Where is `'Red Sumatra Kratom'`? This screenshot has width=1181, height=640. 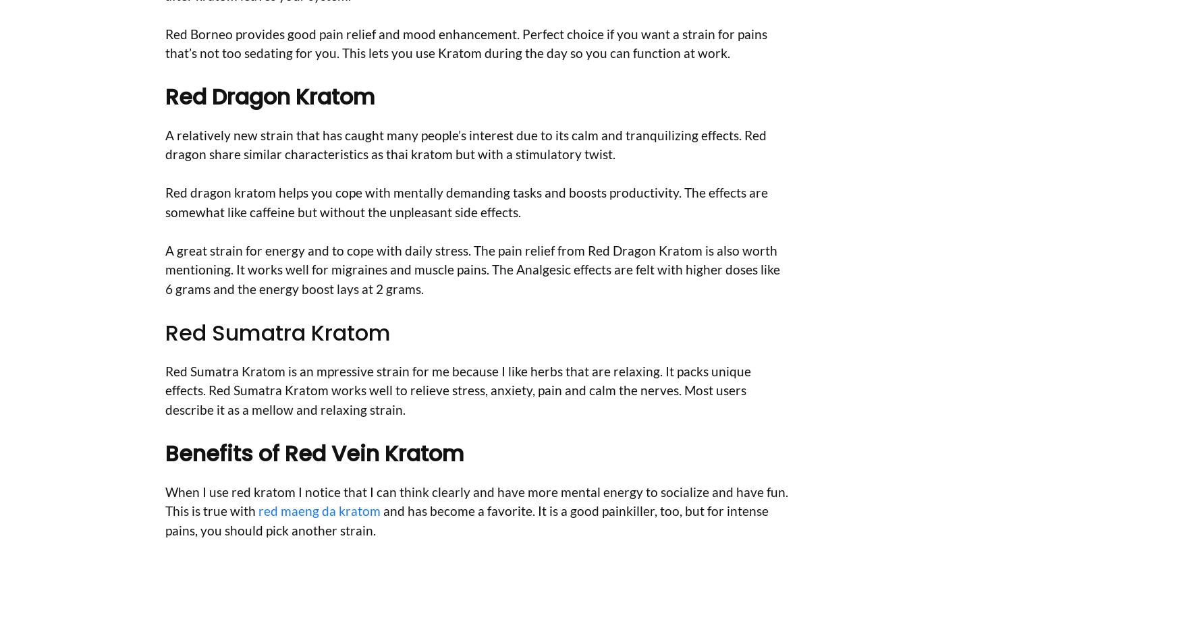
'Red Sumatra Kratom' is located at coordinates (277, 331).